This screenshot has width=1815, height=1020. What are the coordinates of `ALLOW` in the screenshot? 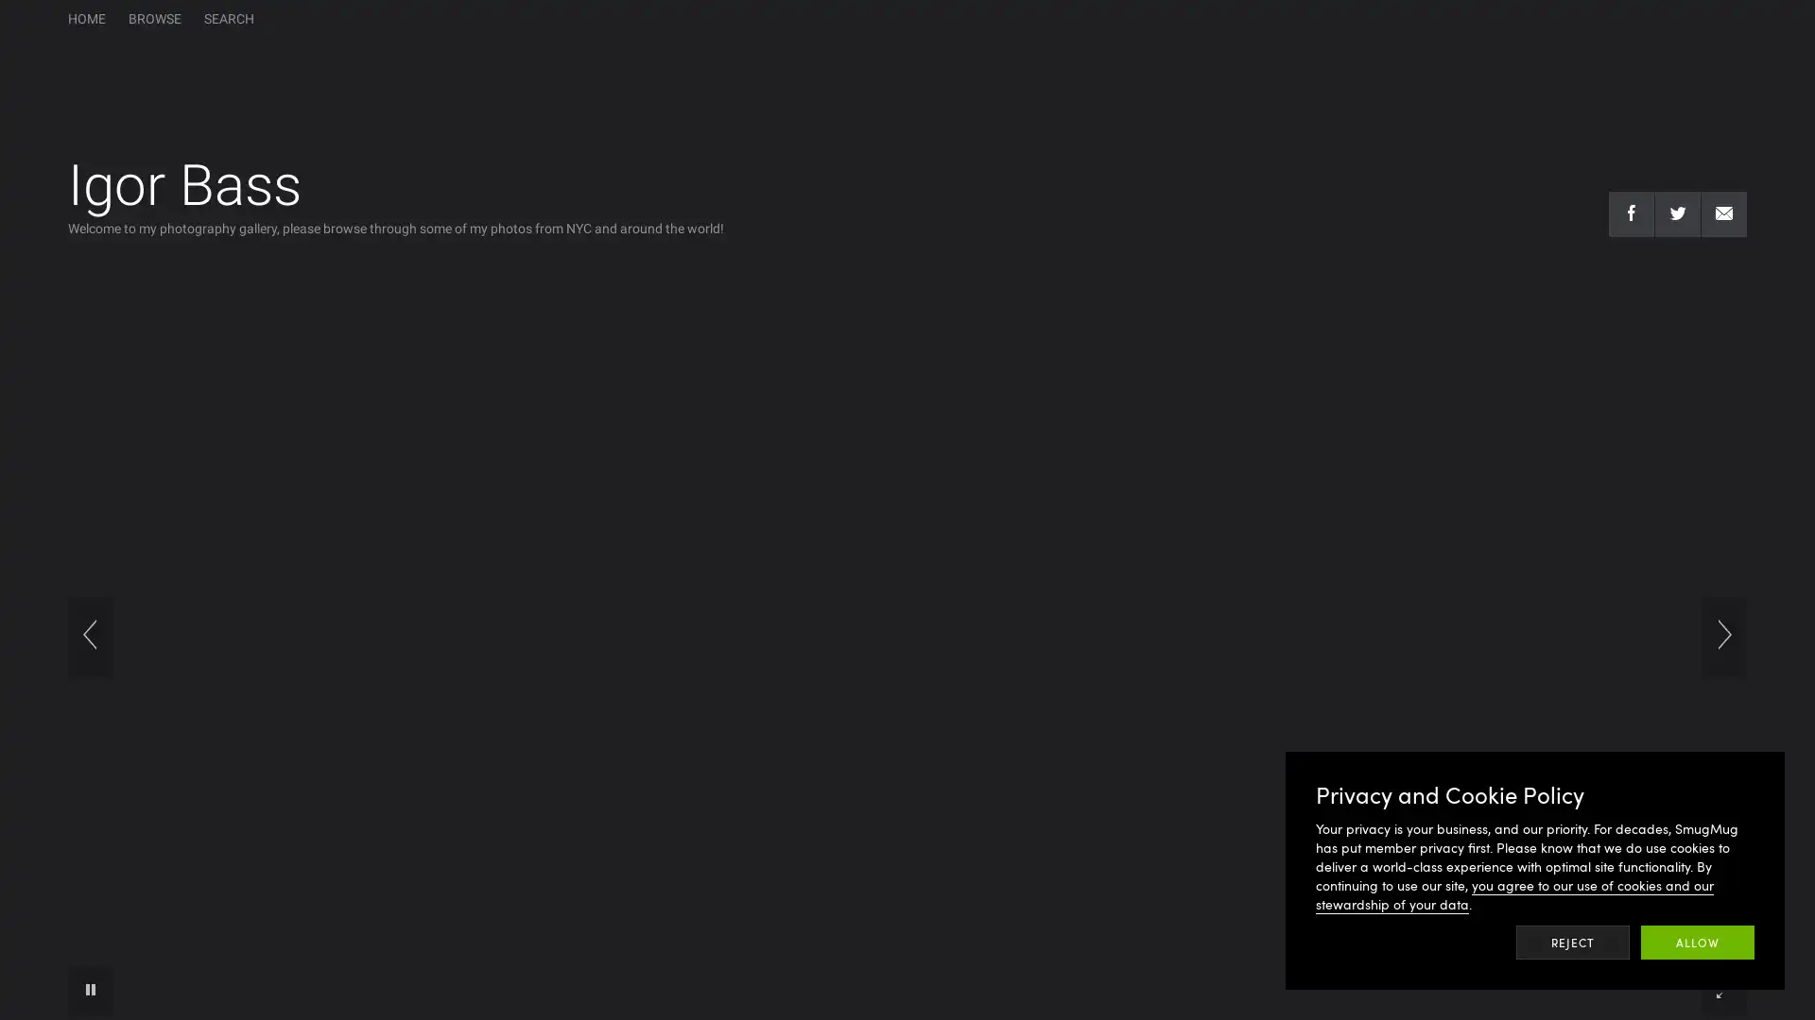 It's located at (1697, 943).